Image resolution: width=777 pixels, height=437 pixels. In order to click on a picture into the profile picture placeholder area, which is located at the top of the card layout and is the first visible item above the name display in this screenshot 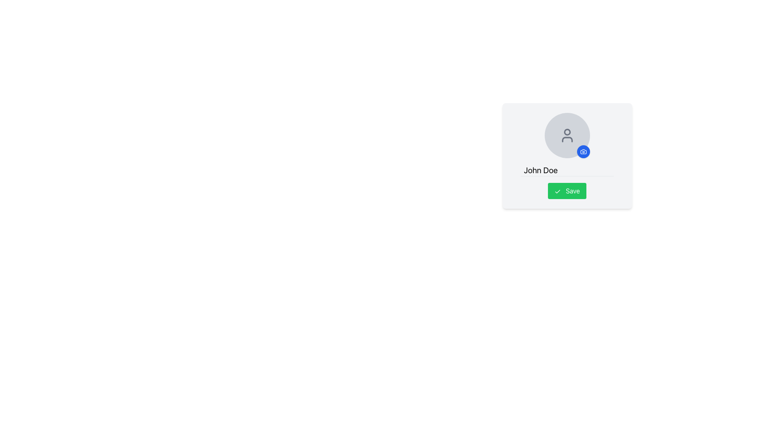, I will do `click(567, 156)`.